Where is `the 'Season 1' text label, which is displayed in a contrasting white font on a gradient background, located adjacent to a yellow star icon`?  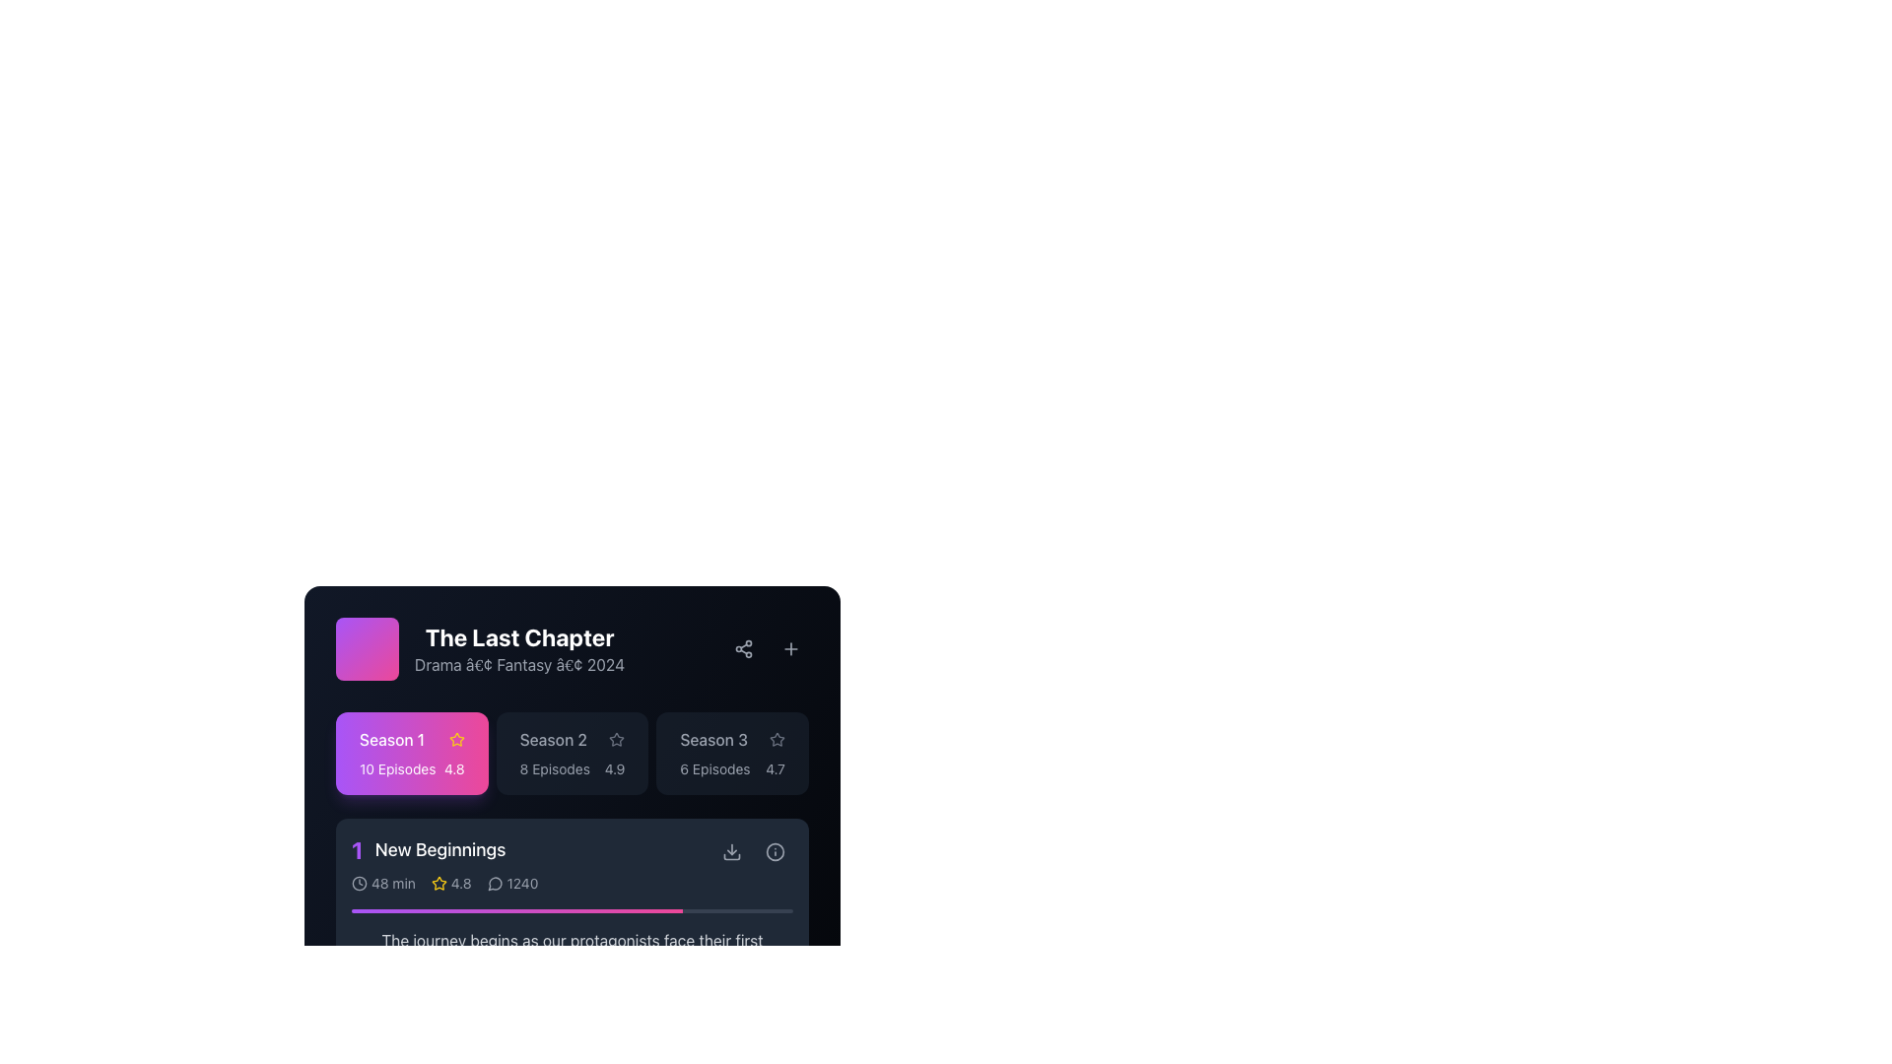 the 'Season 1' text label, which is displayed in a contrasting white font on a gradient background, located adjacent to a yellow star icon is located at coordinates (411, 740).